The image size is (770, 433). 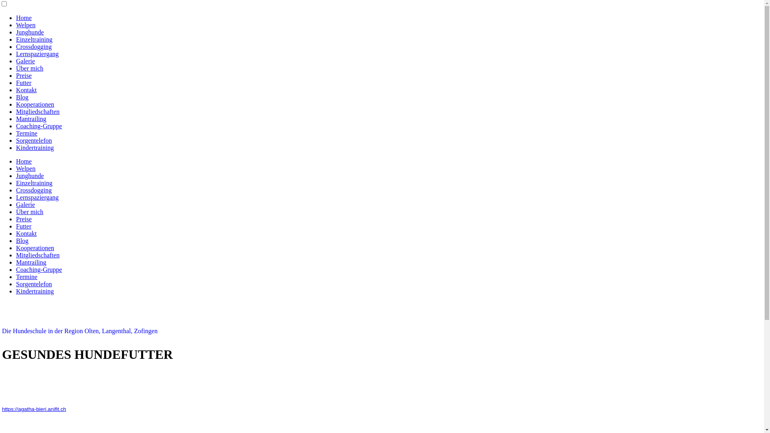 I want to click on 'Galerie', so click(x=16, y=61).